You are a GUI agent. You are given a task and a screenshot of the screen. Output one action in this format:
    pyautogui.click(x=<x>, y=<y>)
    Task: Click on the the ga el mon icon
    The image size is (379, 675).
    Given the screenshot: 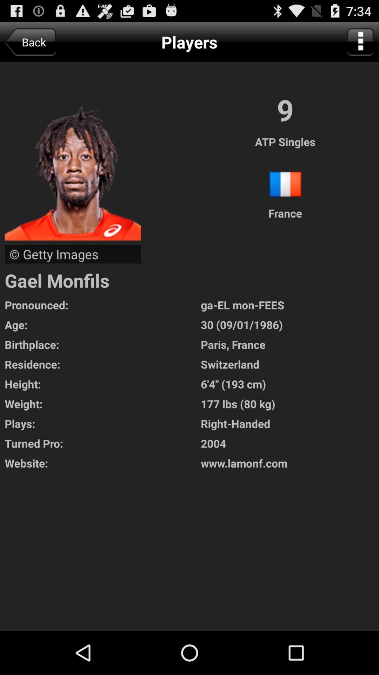 What is the action you would take?
    pyautogui.click(x=290, y=305)
    